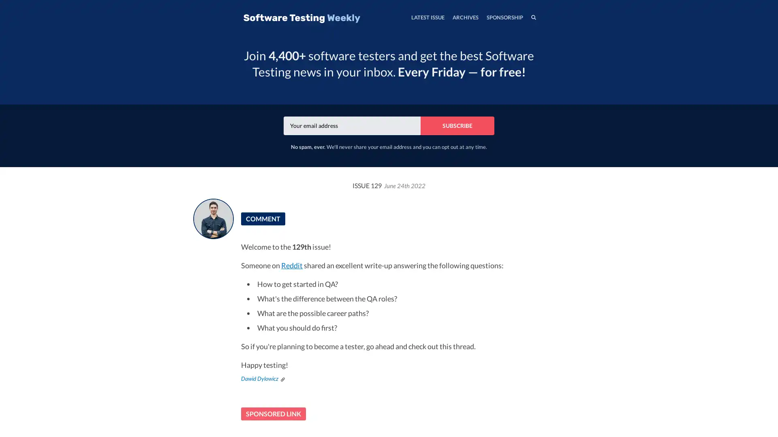  I want to click on TOGGLE MENU, so click(242, 2).